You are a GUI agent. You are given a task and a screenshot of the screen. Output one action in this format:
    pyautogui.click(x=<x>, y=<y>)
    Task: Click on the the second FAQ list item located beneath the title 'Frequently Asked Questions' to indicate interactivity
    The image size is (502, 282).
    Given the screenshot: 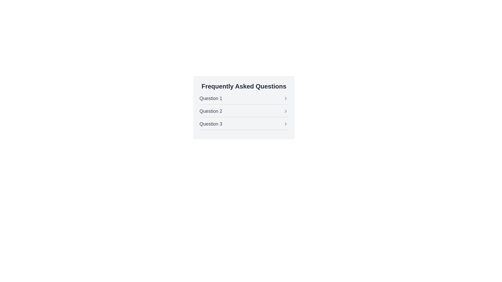 What is the action you would take?
    pyautogui.click(x=243, y=107)
    